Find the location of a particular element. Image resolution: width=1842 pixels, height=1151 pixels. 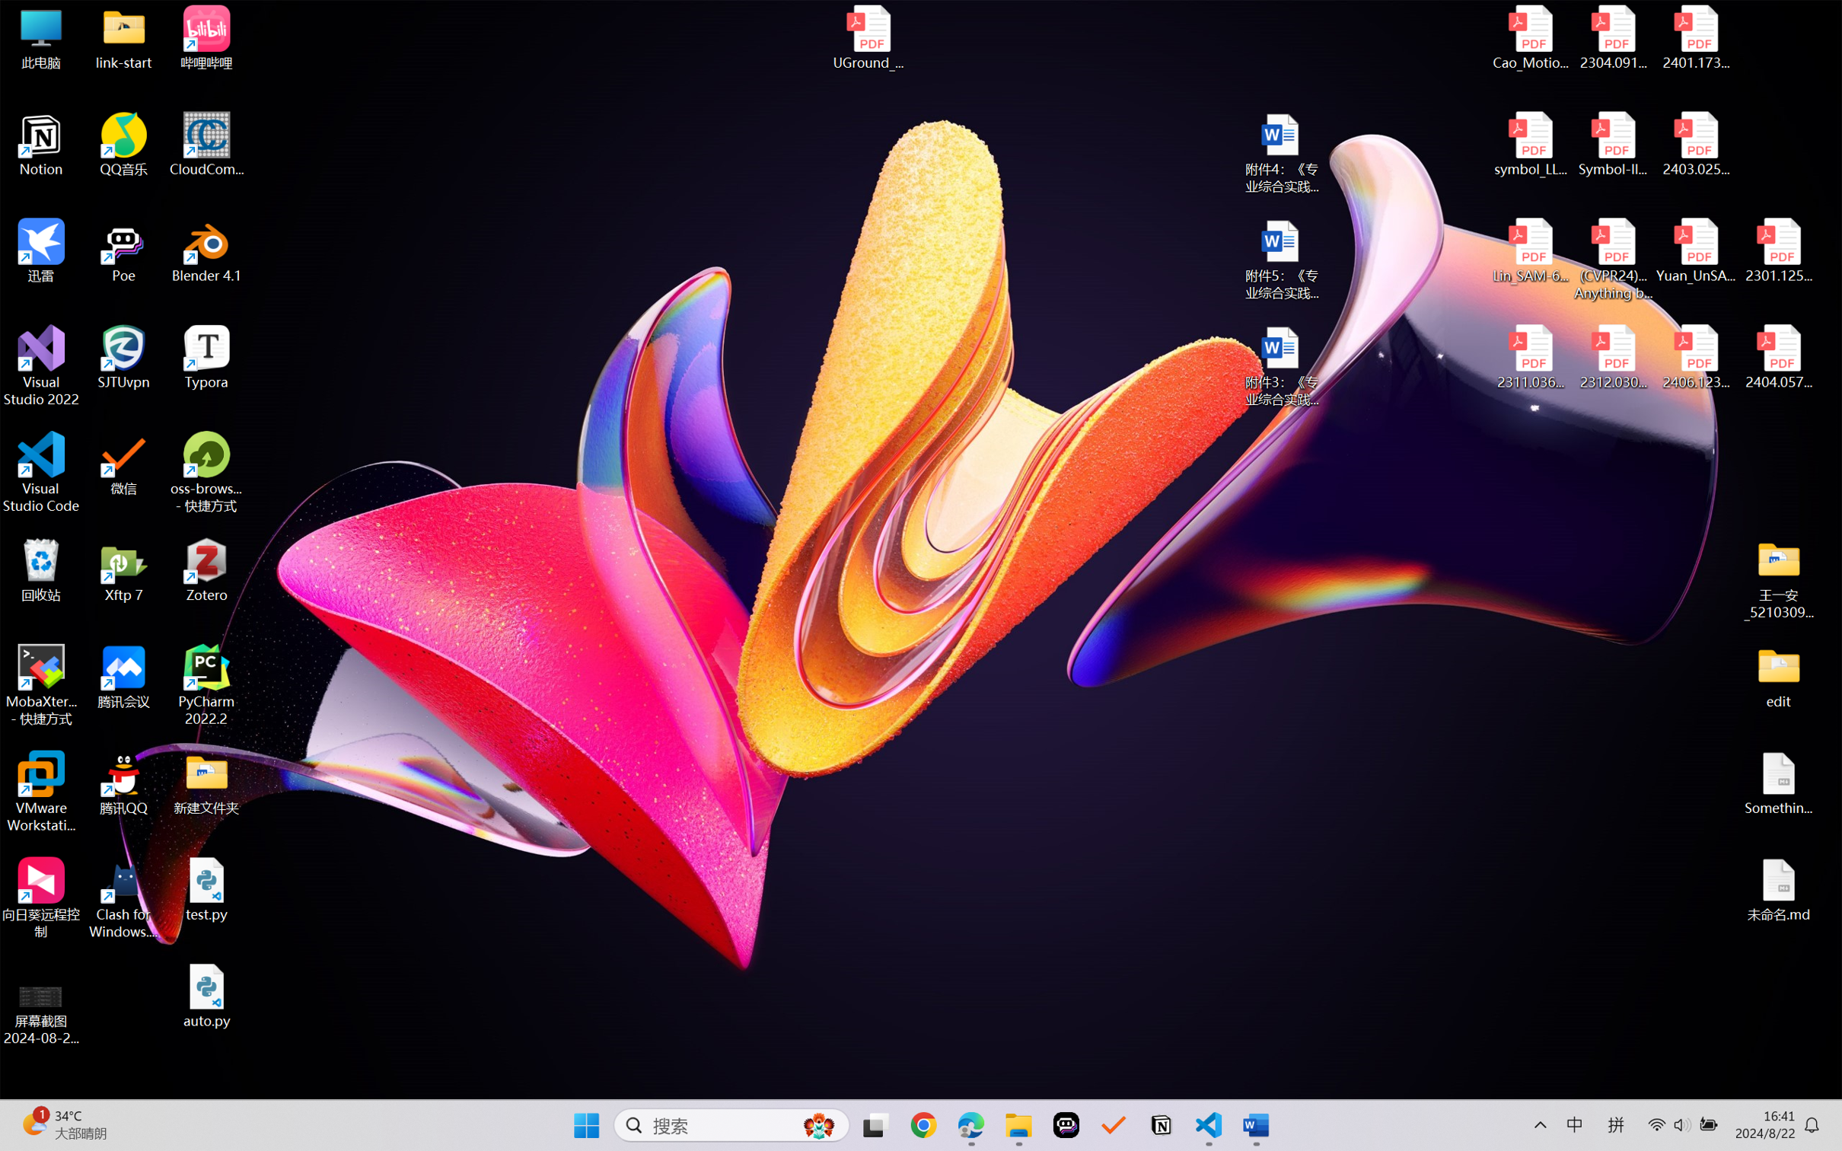

'Poe' is located at coordinates (124, 250).